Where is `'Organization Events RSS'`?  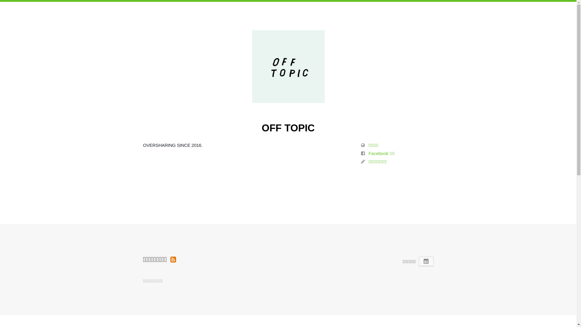 'Organization Events RSS' is located at coordinates (170, 259).